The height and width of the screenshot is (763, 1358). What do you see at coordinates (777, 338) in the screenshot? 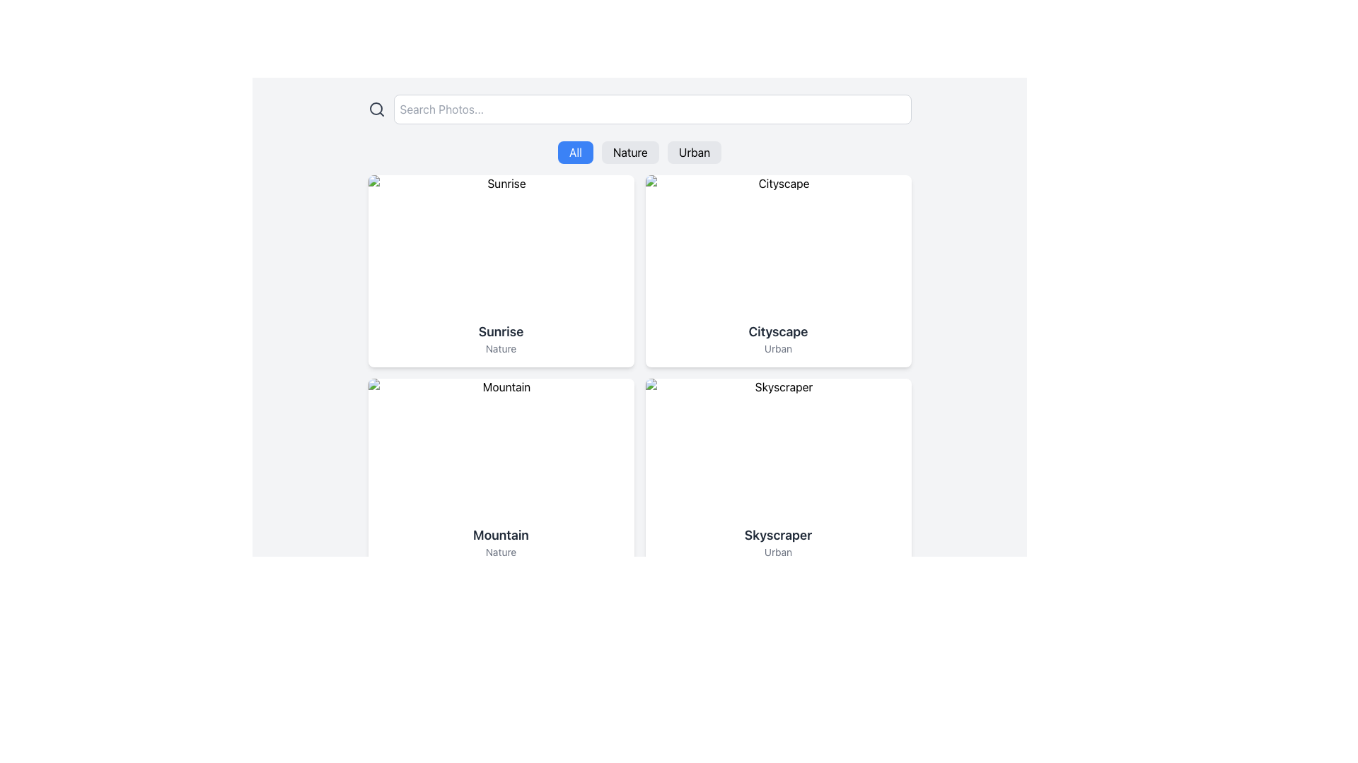
I see `the text label containing 'Cityscape' and 'Urban'` at bounding box center [777, 338].